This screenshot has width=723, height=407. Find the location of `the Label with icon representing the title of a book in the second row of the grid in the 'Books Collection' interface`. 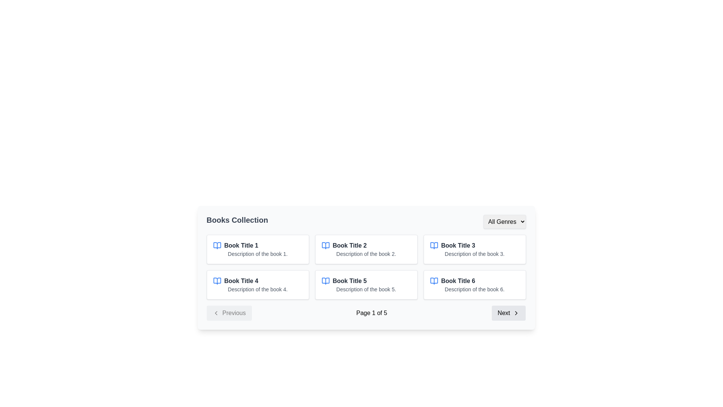

the Label with icon representing the title of a book in the second row of the grid in the 'Books Collection' interface is located at coordinates (258, 281).